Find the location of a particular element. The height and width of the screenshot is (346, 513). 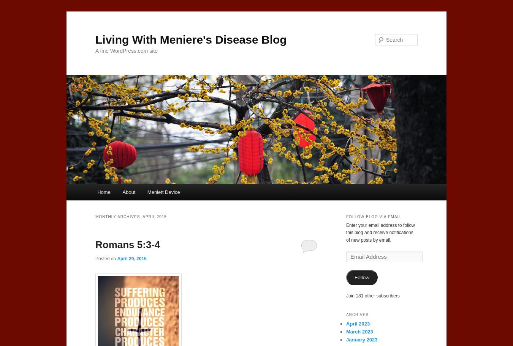

'Monthly Archives:' is located at coordinates (95, 216).